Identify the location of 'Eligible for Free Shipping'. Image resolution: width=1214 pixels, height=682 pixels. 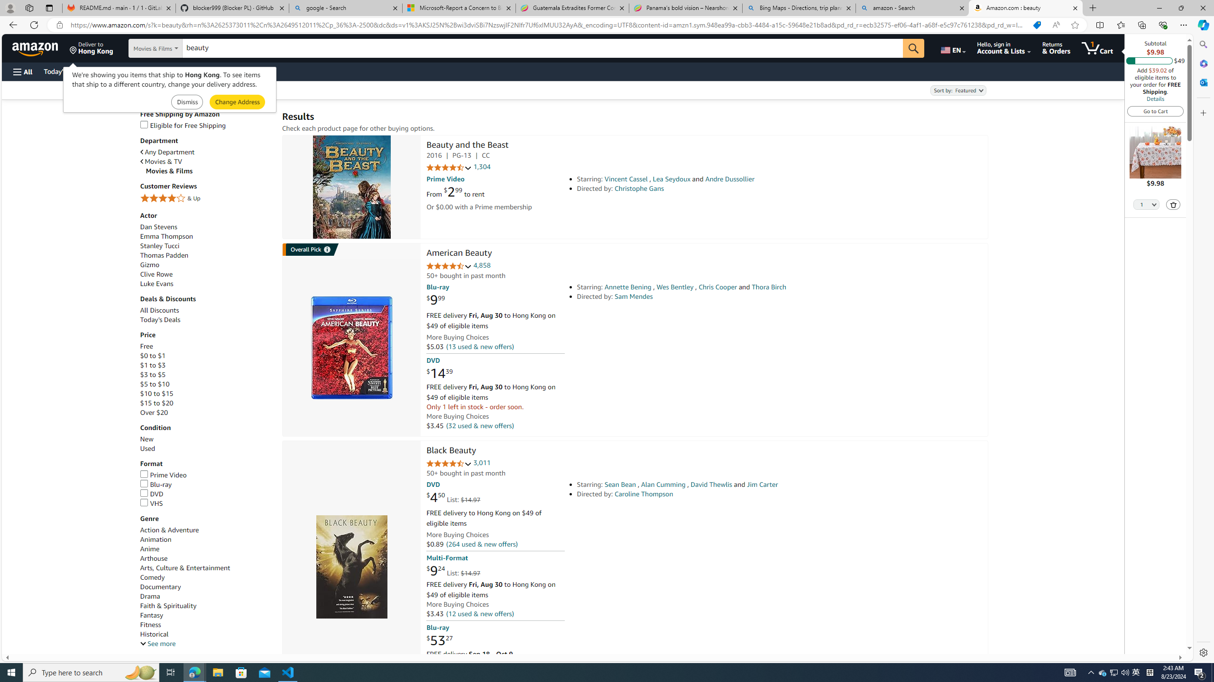
(206, 125).